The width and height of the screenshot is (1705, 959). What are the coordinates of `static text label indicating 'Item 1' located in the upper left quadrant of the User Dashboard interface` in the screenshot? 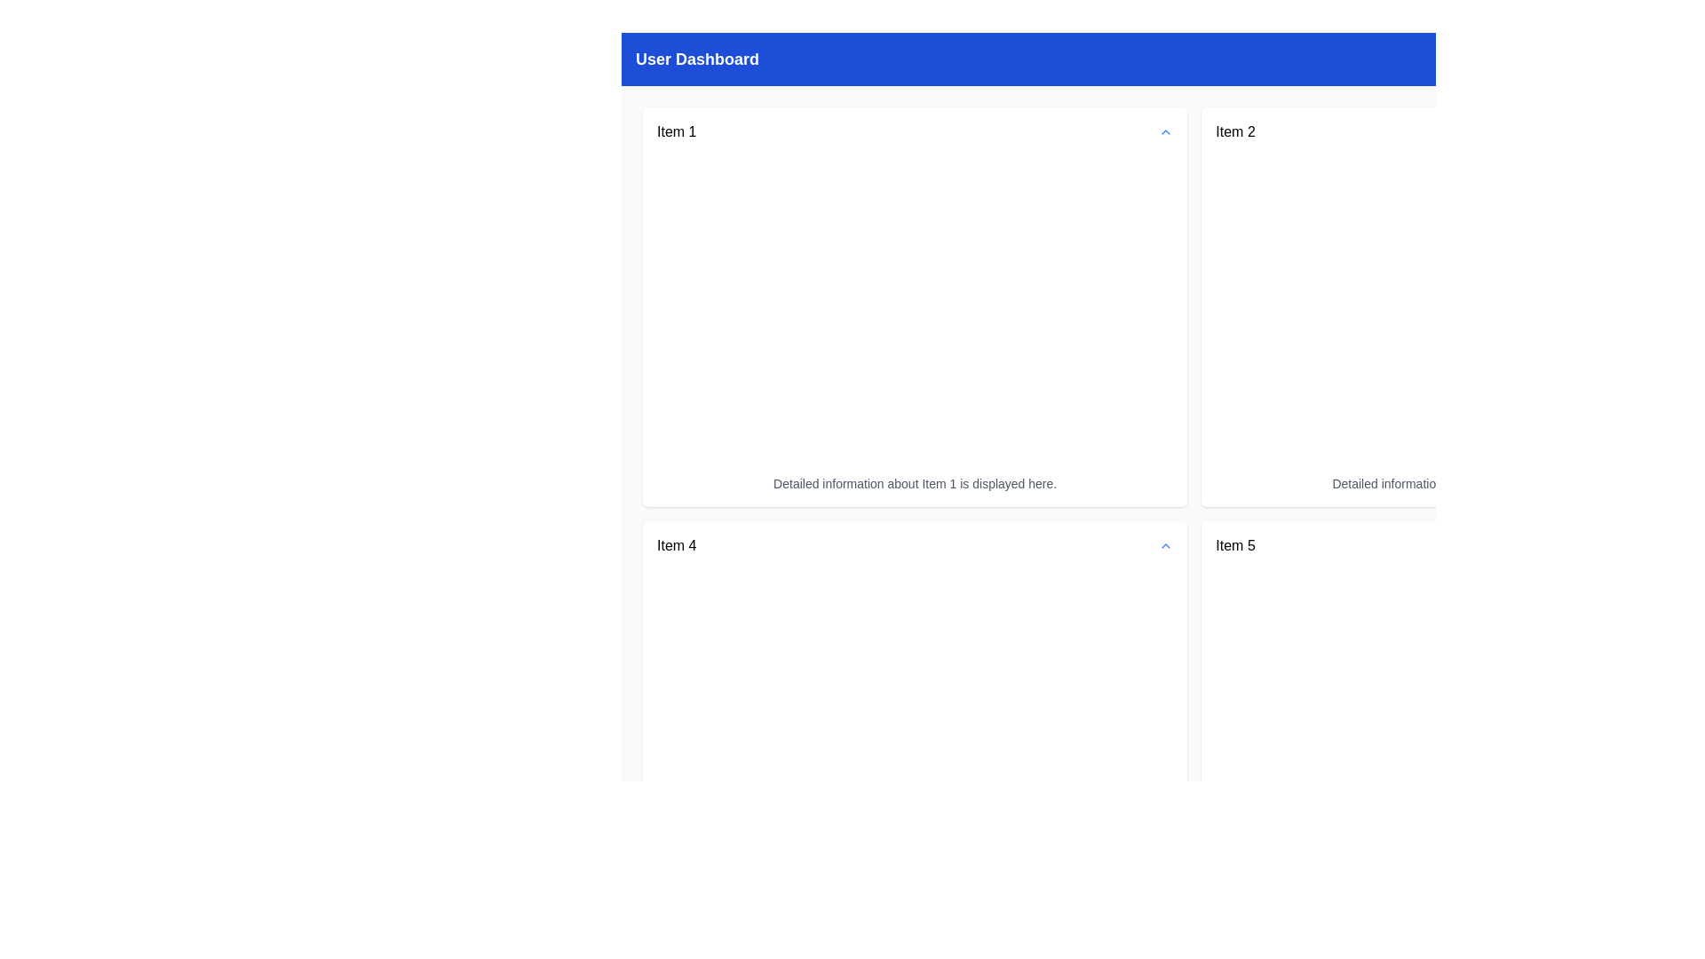 It's located at (676, 131).